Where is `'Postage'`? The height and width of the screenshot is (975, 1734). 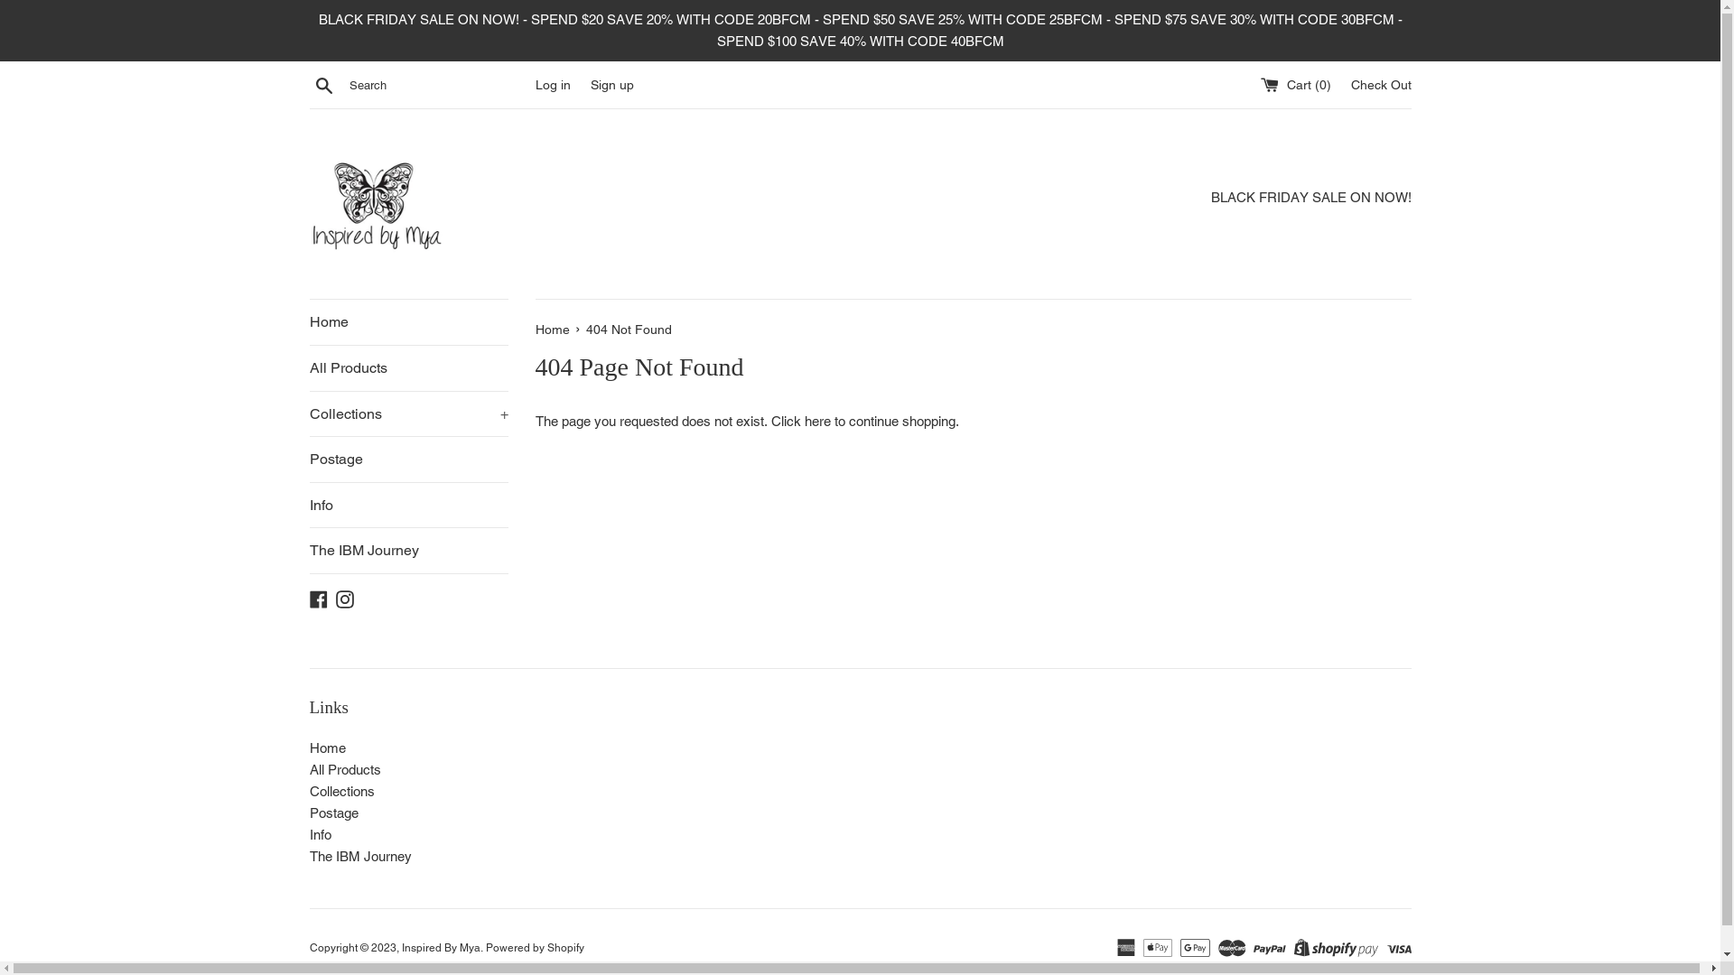 'Postage' is located at coordinates (406, 459).